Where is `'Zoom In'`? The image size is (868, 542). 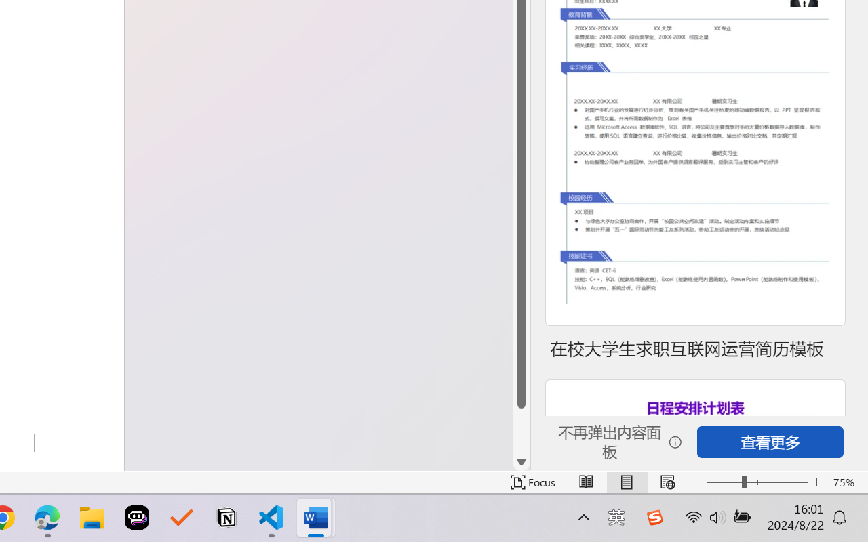 'Zoom In' is located at coordinates (816, 482).